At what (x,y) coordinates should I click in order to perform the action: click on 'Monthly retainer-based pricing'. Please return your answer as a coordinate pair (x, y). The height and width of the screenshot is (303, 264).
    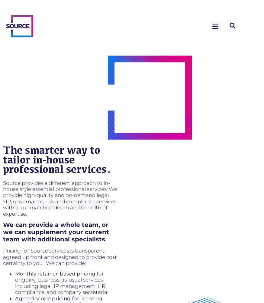
    Looking at the image, I should click on (55, 273).